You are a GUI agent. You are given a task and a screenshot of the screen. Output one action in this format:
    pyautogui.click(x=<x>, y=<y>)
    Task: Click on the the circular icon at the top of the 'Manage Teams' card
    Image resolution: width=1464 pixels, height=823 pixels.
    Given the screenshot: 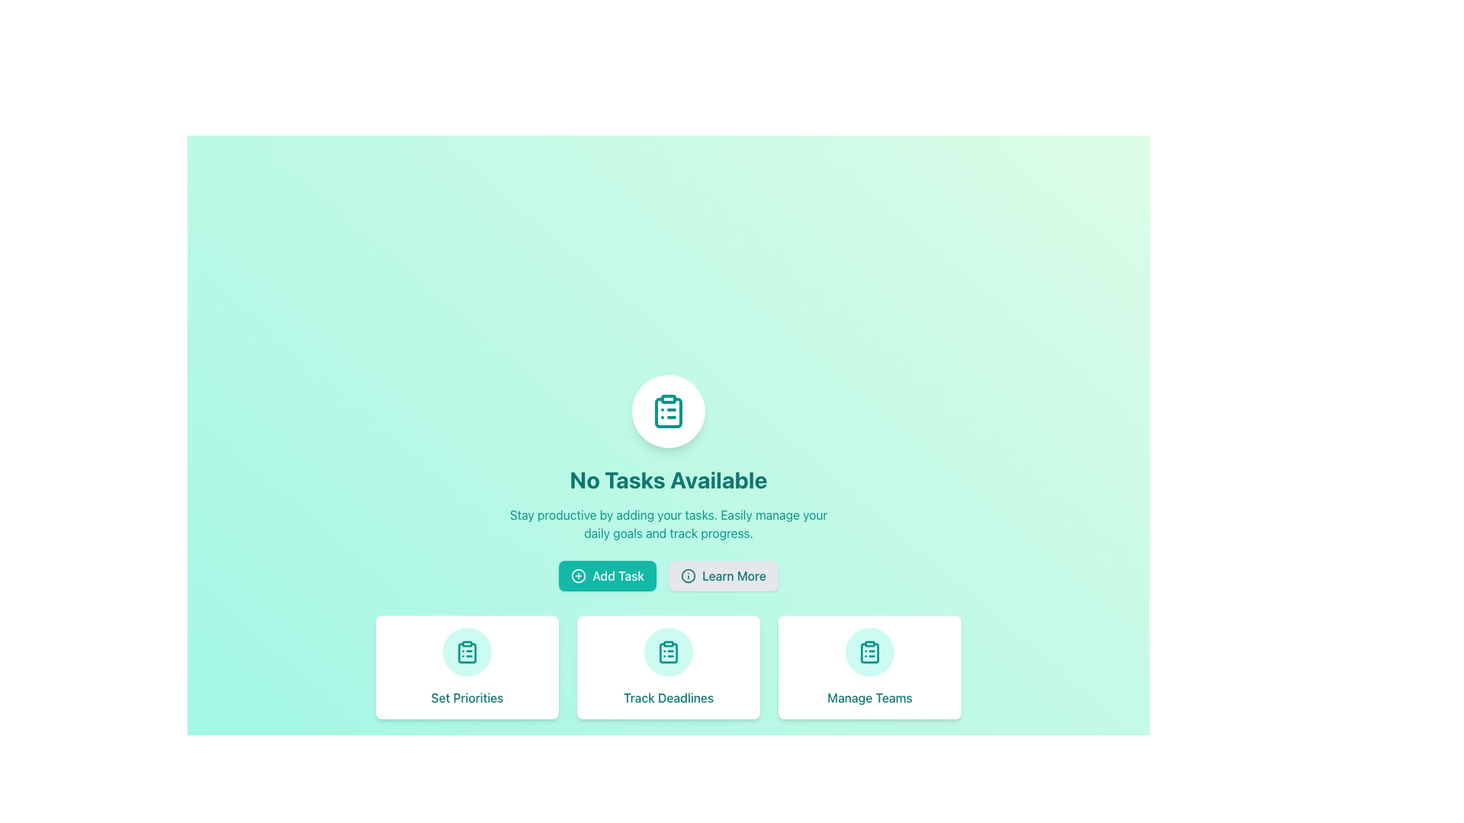 What is the action you would take?
    pyautogui.click(x=870, y=652)
    